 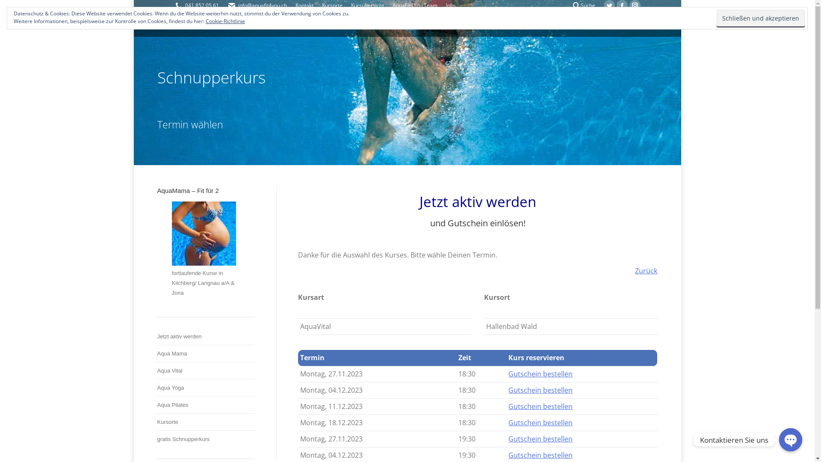 I want to click on 'Suche', so click(x=582, y=5).